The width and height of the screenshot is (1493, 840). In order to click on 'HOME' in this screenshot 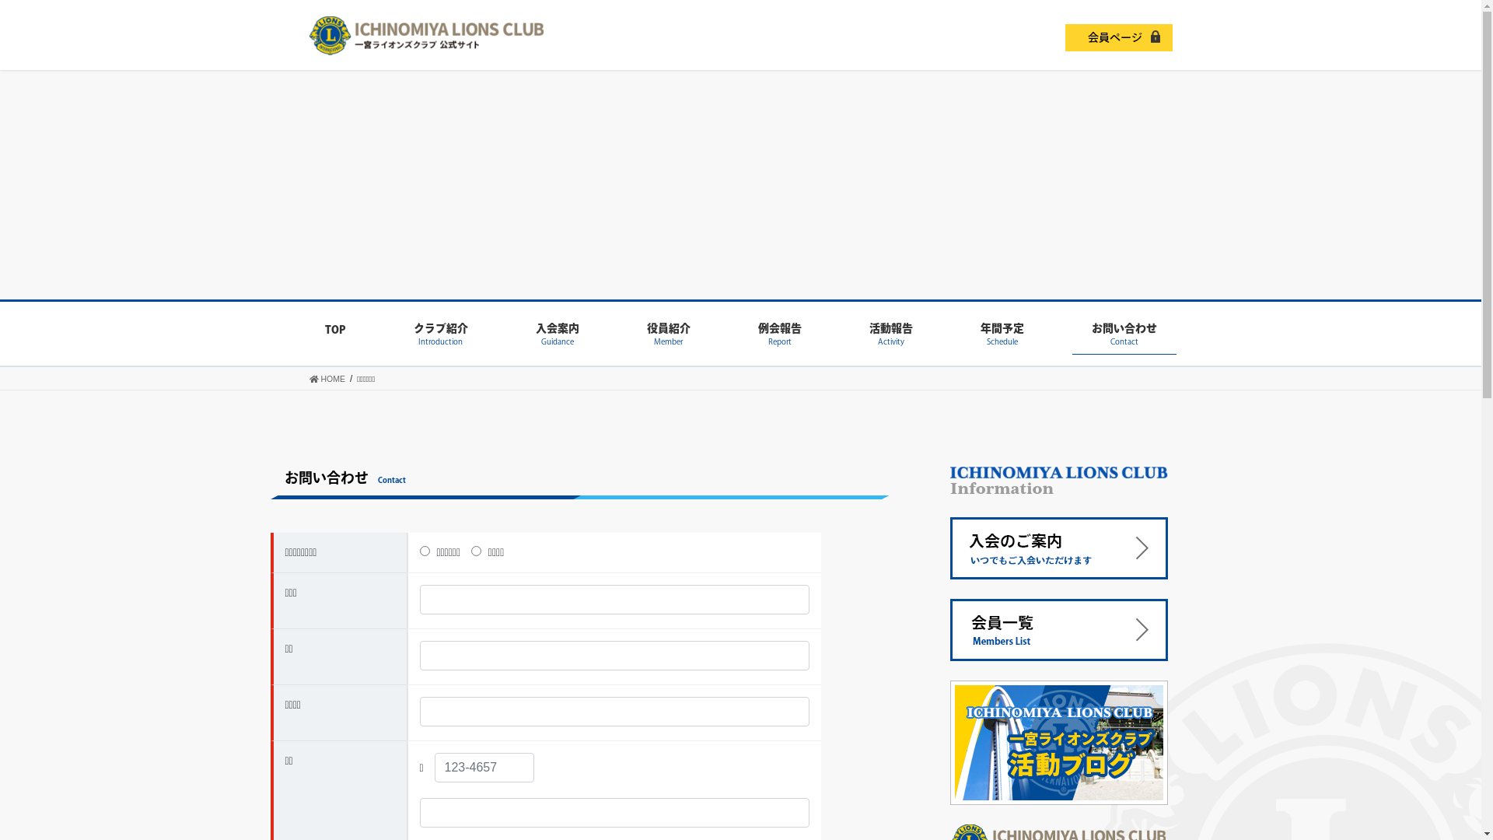, I will do `click(309, 378)`.